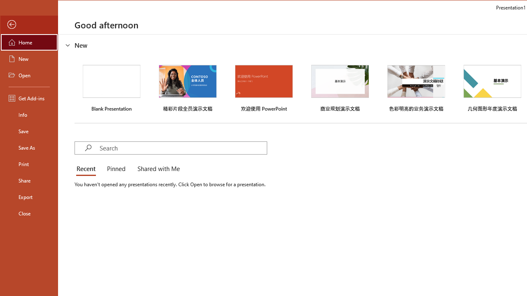 The image size is (527, 296). I want to click on 'Get Add-ins', so click(29, 98).